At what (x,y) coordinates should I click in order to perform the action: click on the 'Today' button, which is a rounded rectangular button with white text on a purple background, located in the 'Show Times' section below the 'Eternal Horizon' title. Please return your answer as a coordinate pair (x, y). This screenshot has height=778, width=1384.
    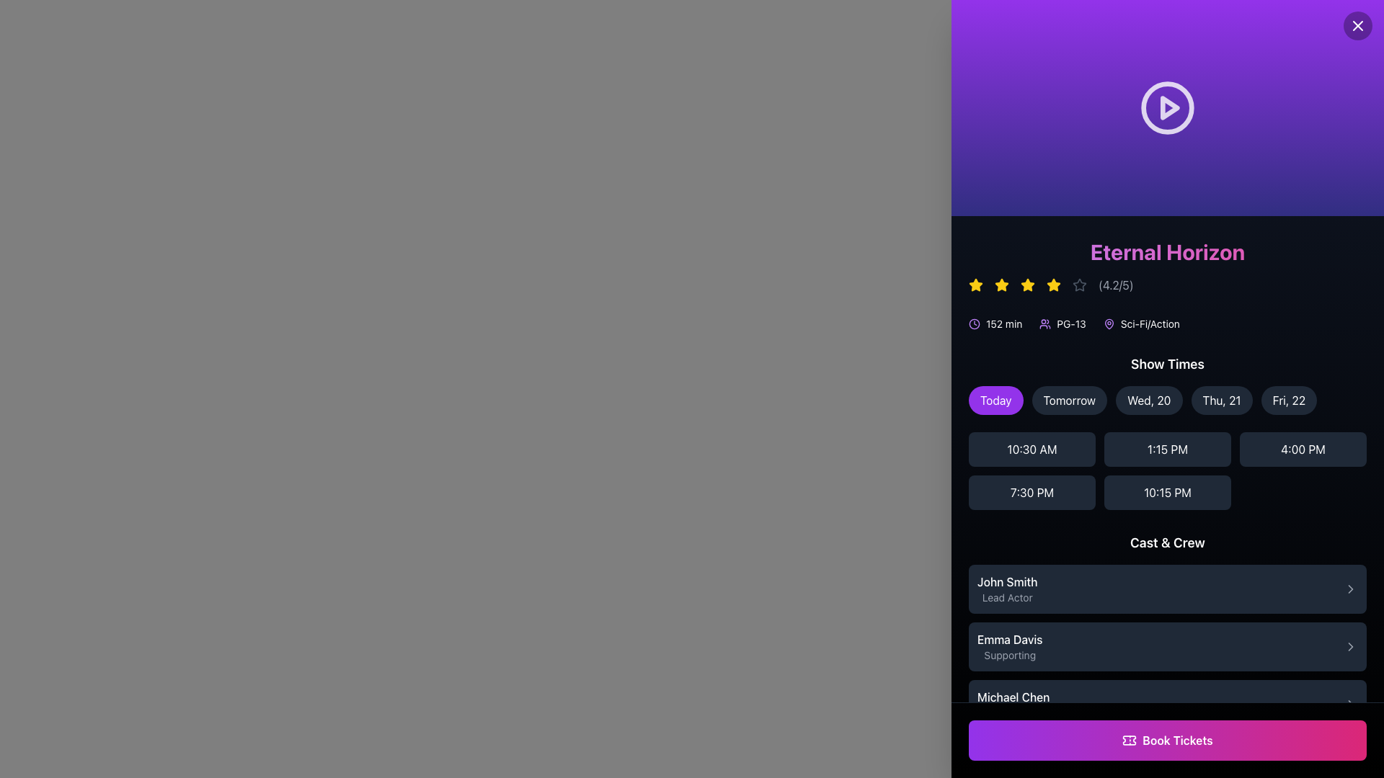
    Looking at the image, I should click on (995, 400).